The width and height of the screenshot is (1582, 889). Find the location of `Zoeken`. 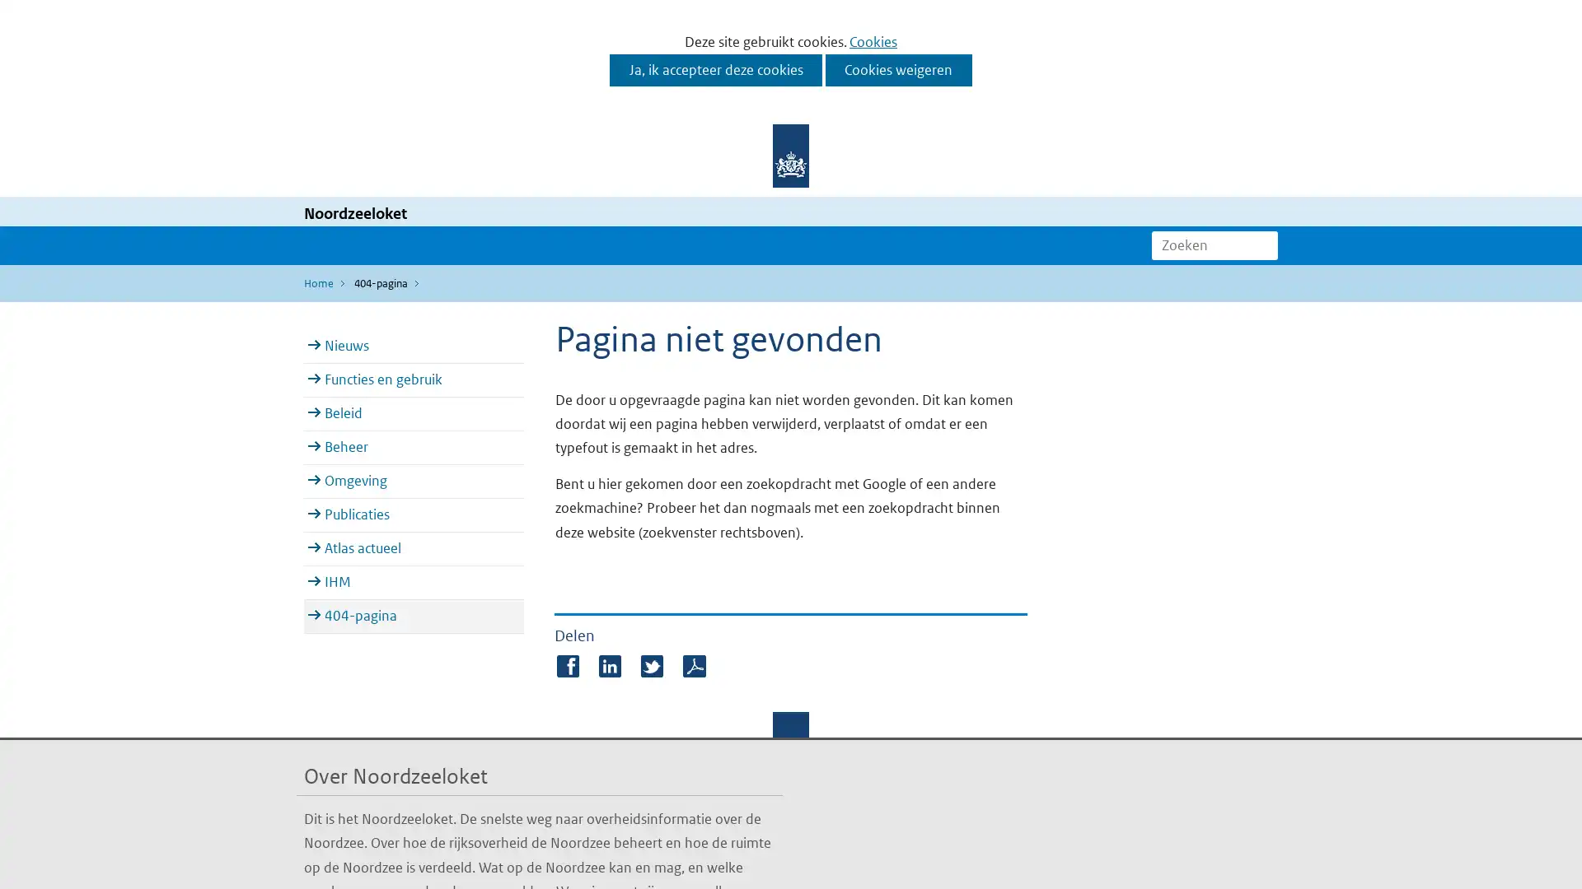

Zoeken is located at coordinates (1264, 244).